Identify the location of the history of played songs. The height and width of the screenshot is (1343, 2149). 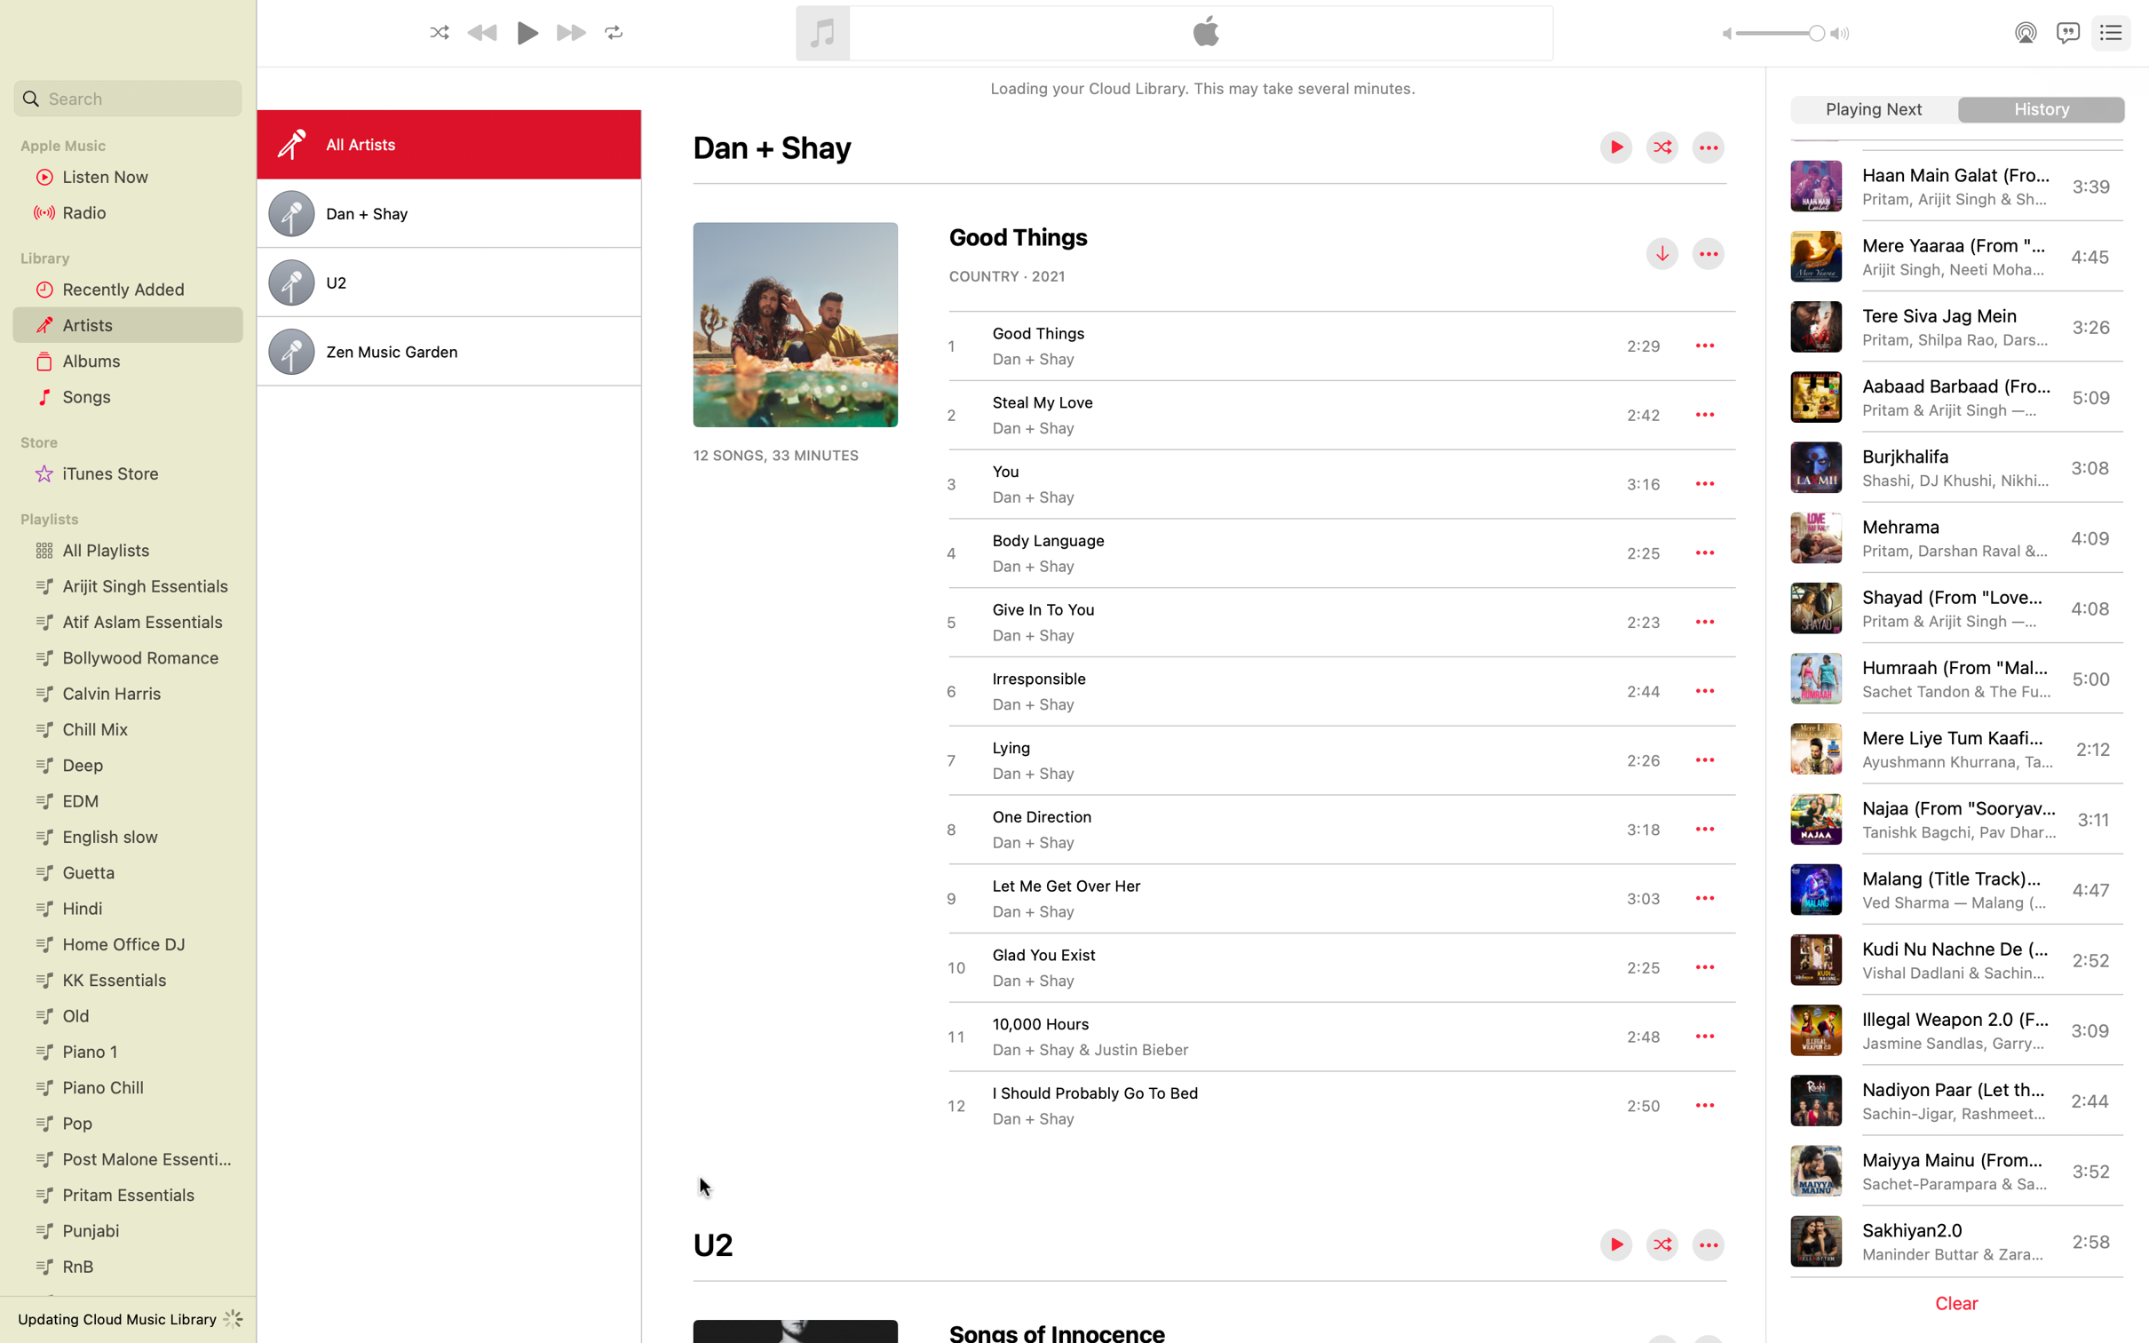
(2042, 110).